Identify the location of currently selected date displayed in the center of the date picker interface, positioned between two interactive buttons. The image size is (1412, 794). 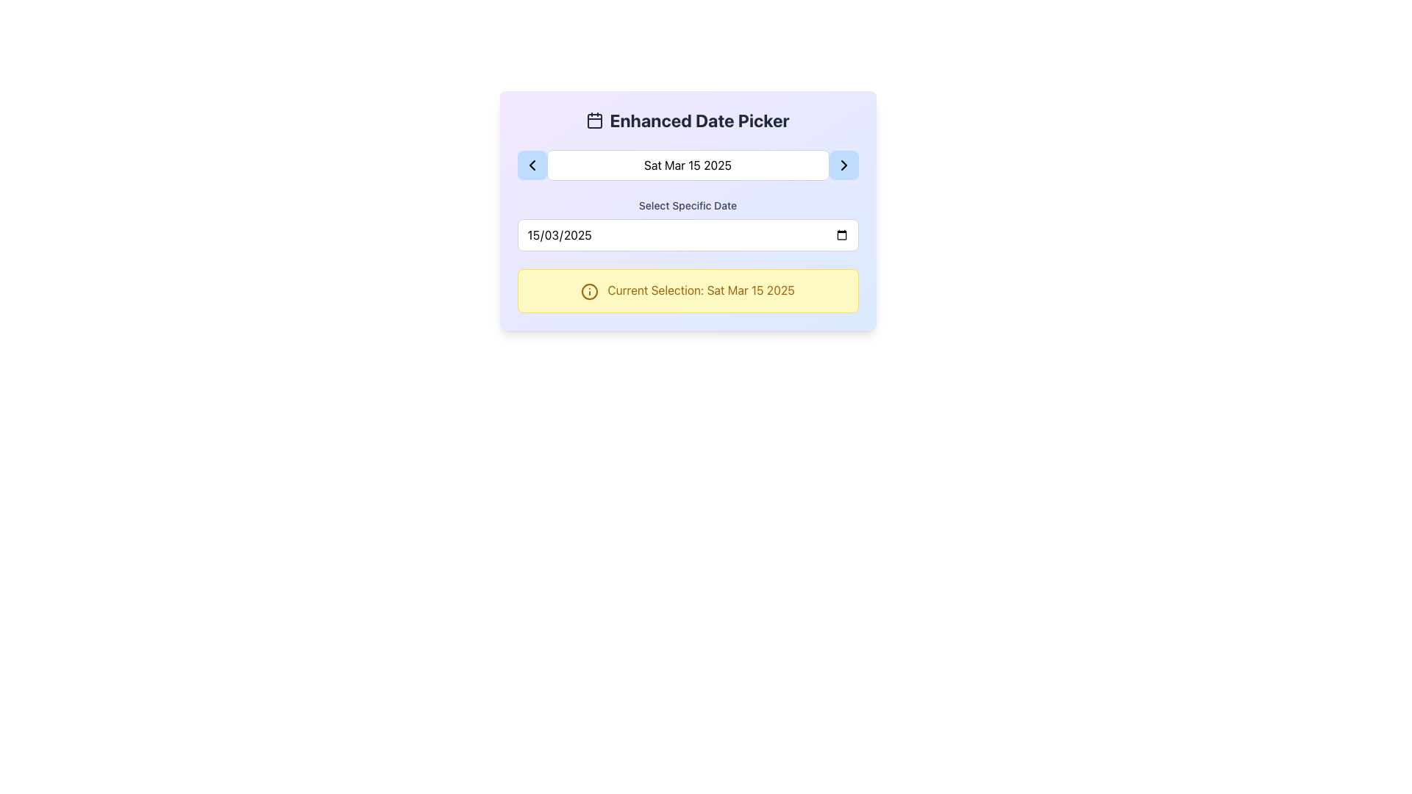
(687, 165).